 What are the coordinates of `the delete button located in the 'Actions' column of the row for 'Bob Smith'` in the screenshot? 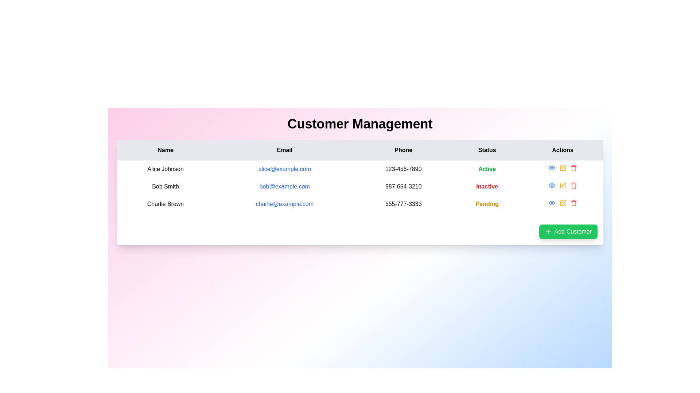 It's located at (573, 168).